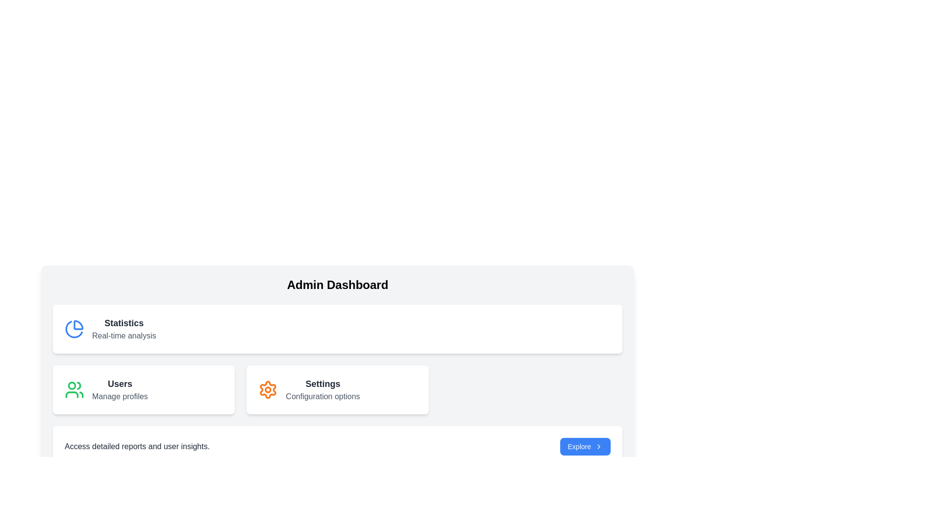  Describe the element at coordinates (268, 389) in the screenshot. I see `the gear icon located in the 'Settings' card` at that location.